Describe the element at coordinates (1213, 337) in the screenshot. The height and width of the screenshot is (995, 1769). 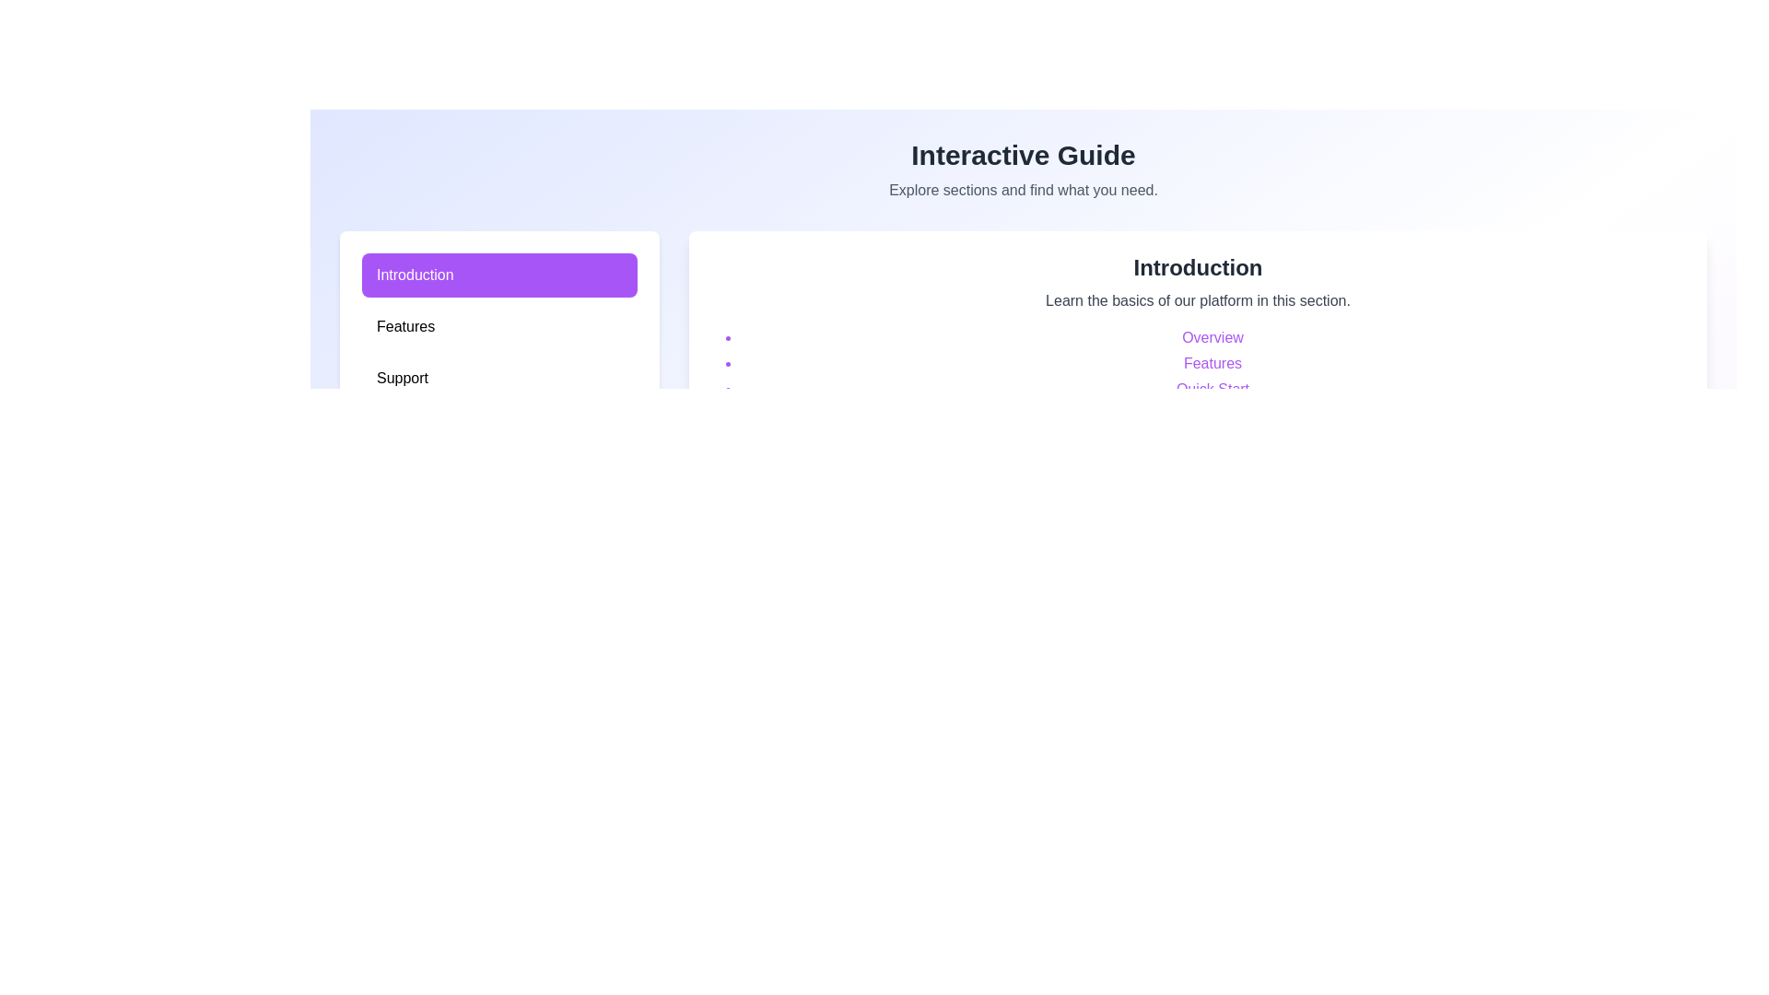
I see `the 'Overview' text label element, which is styled in purple and is the first item in a vertical list under the 'Introduction' heading` at that location.